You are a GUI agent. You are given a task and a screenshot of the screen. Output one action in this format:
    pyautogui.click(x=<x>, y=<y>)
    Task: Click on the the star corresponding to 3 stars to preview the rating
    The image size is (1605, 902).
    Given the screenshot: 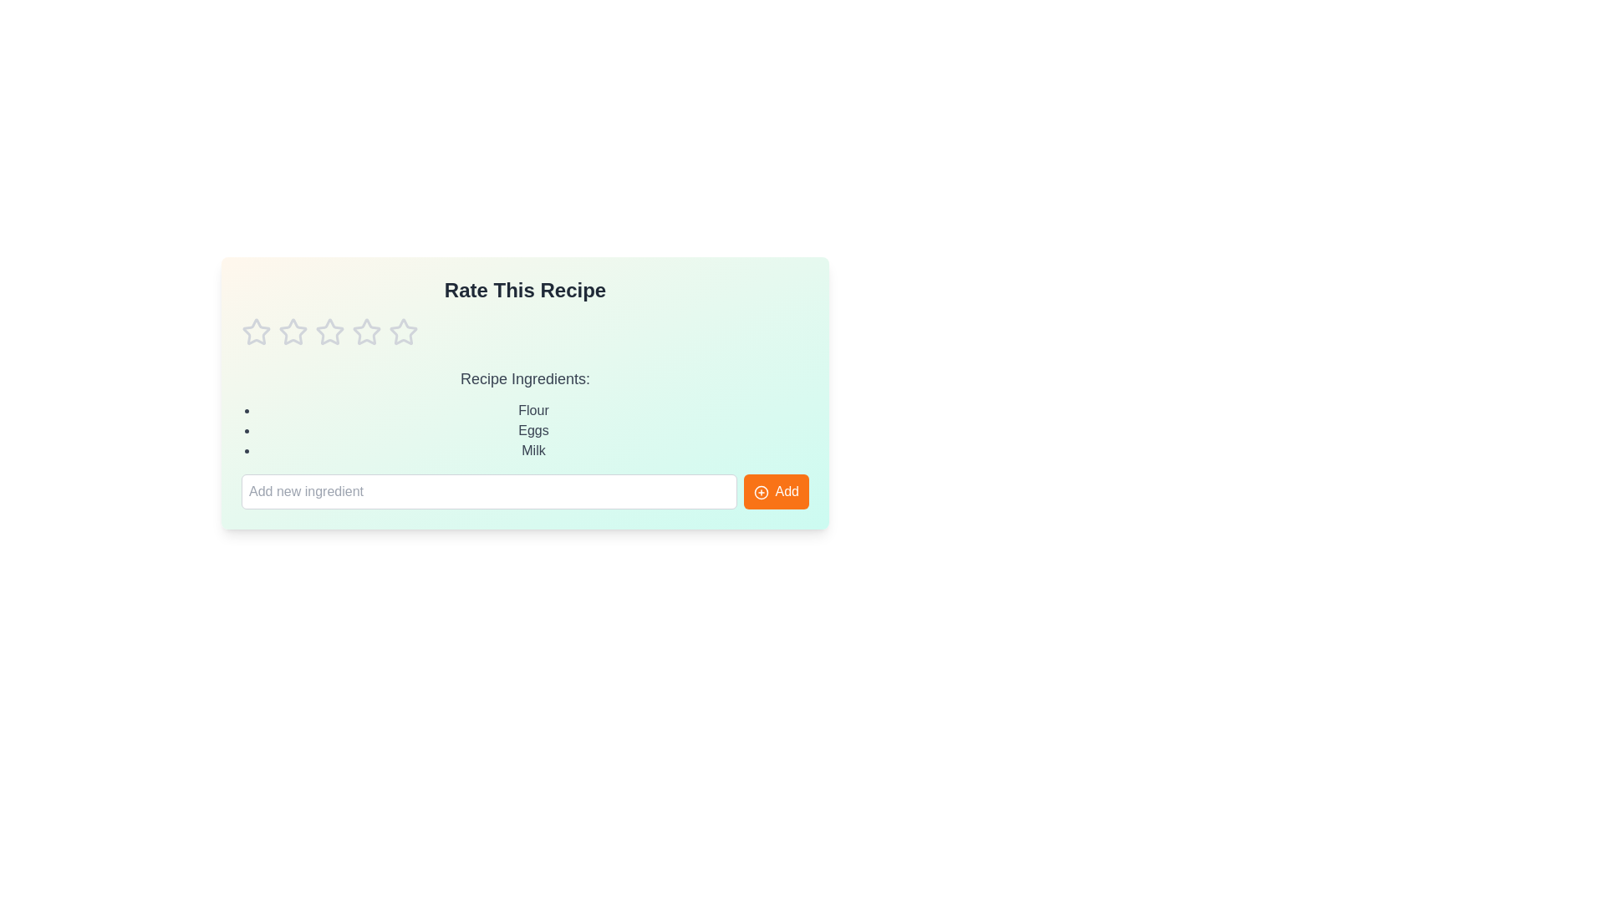 What is the action you would take?
    pyautogui.click(x=329, y=332)
    